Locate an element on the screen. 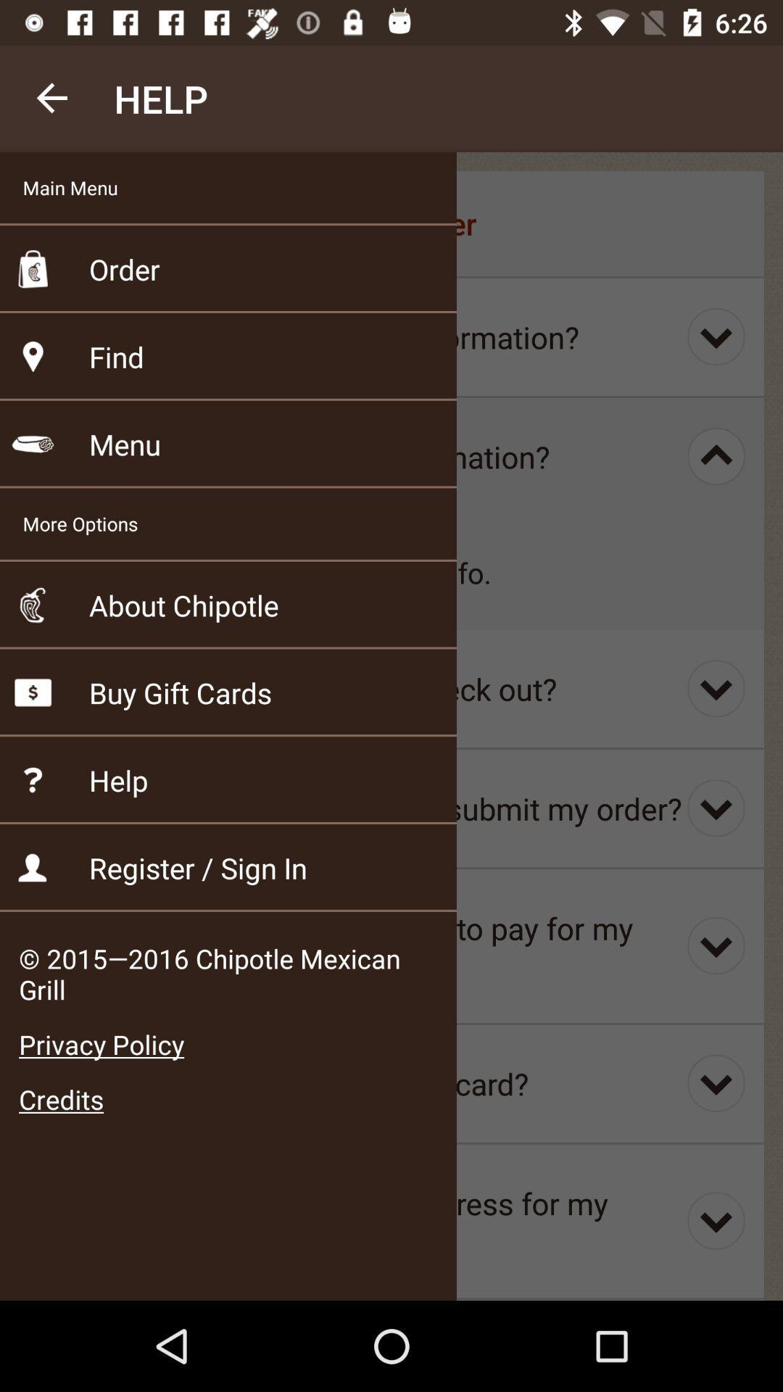 This screenshot has width=783, height=1392. the icon beside order is located at coordinates (33, 269).